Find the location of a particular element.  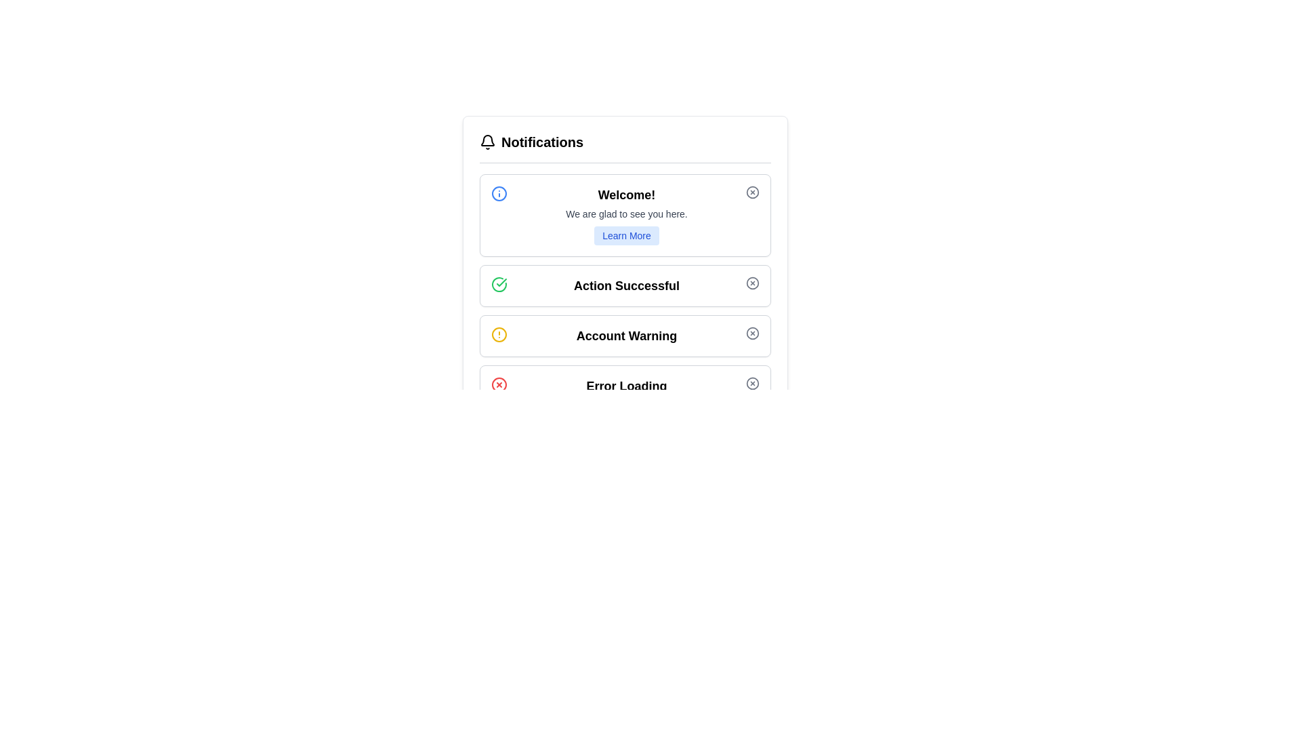

the dismiss button associated with the 'Error Loading' notification, which is the fourth and last item in the list of notifications, positioned to the right of the notification text is located at coordinates (751, 384).